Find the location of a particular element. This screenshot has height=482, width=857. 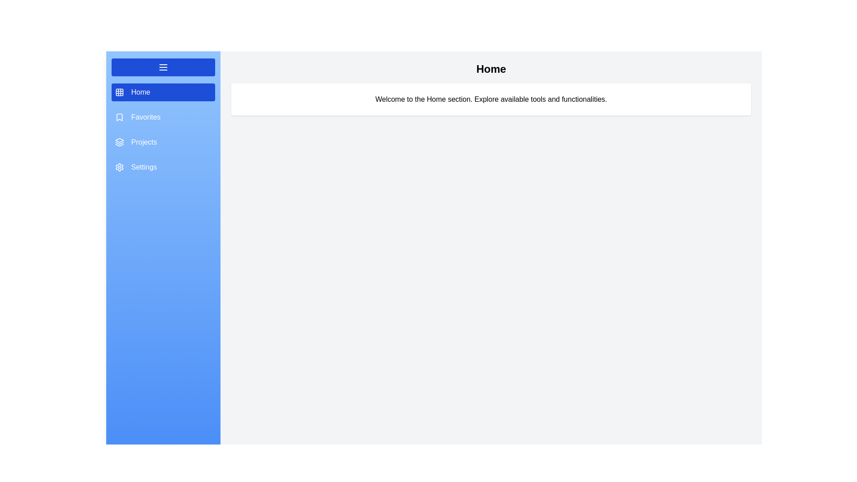

the section Favorites from the menu is located at coordinates (163, 116).